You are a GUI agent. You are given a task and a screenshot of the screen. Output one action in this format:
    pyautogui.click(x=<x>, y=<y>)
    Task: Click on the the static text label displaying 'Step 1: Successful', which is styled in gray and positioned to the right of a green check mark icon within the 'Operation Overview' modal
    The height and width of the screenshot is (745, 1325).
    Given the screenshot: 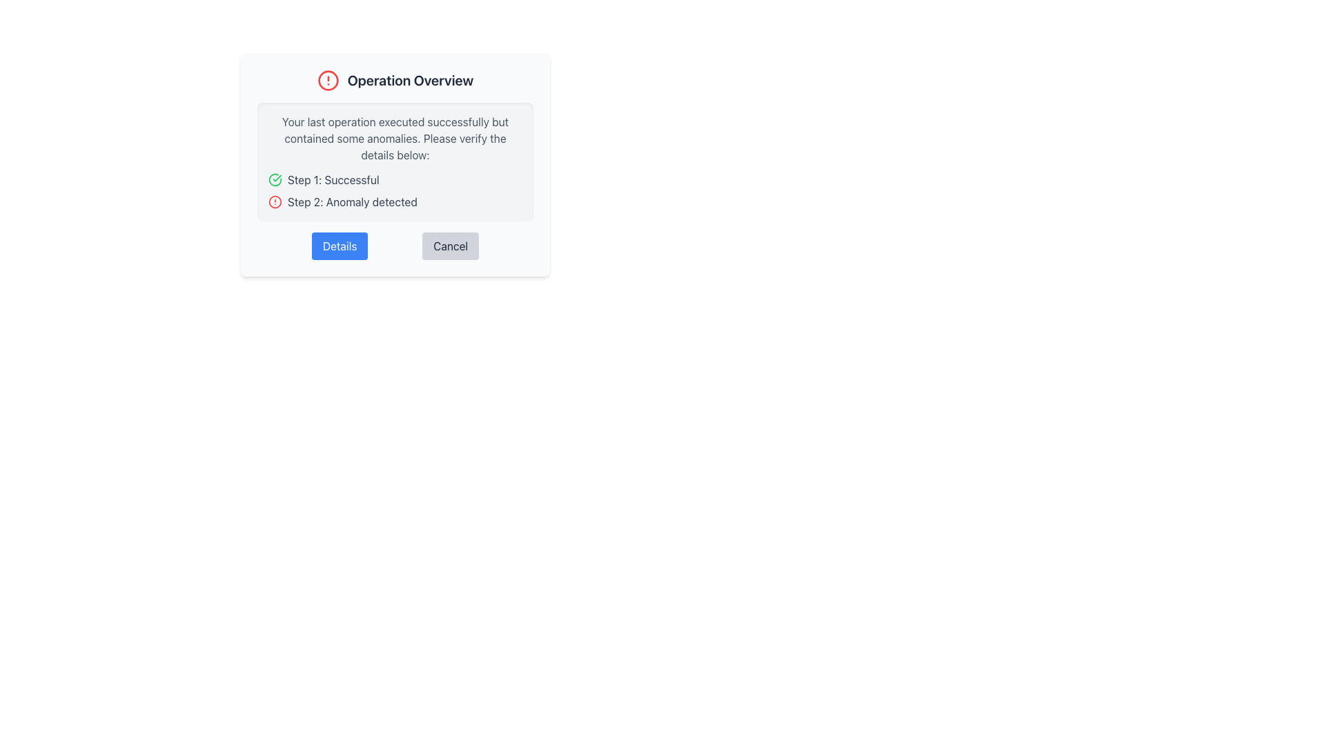 What is the action you would take?
    pyautogui.click(x=333, y=179)
    